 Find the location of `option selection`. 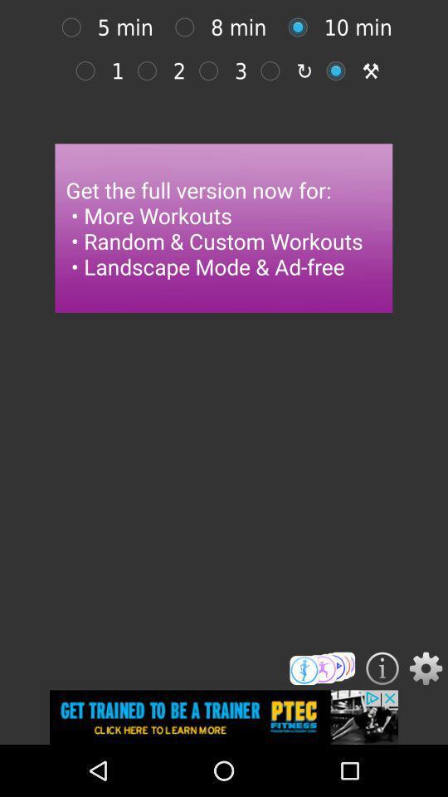

option selection is located at coordinates (187, 27).